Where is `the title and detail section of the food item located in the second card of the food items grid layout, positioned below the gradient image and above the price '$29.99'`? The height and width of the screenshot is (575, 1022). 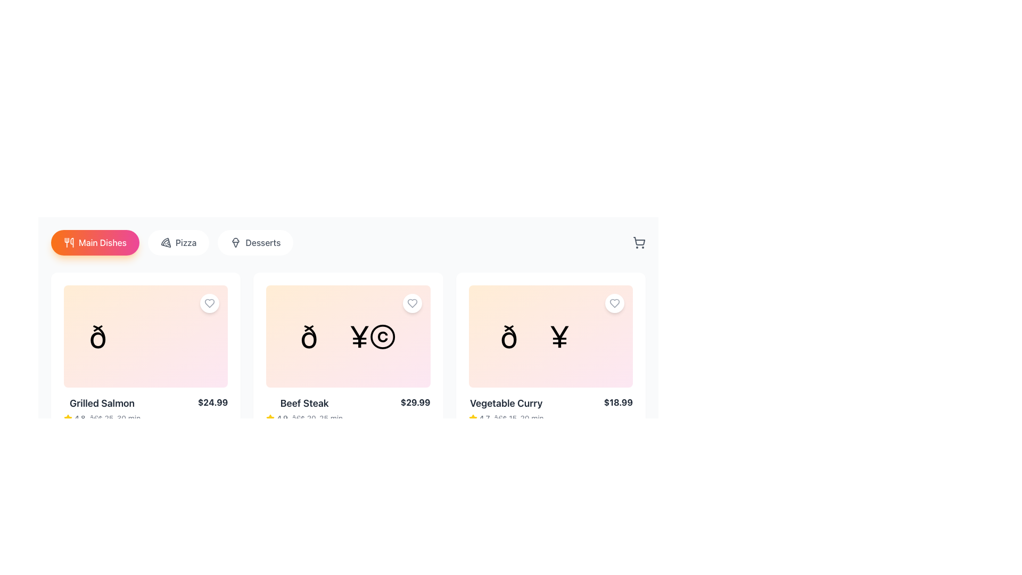
the title and detail section of the food item located in the second card of the food items grid layout, positioned below the gradient image and above the price '$29.99' is located at coordinates (304, 409).